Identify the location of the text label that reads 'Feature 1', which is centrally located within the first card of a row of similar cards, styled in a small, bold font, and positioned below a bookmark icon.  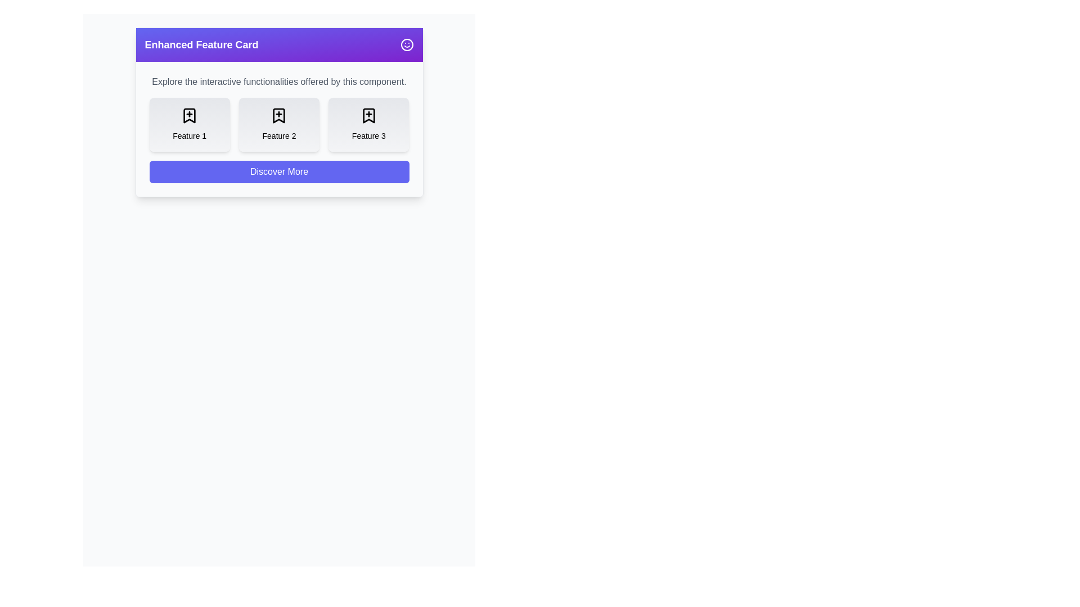
(190, 135).